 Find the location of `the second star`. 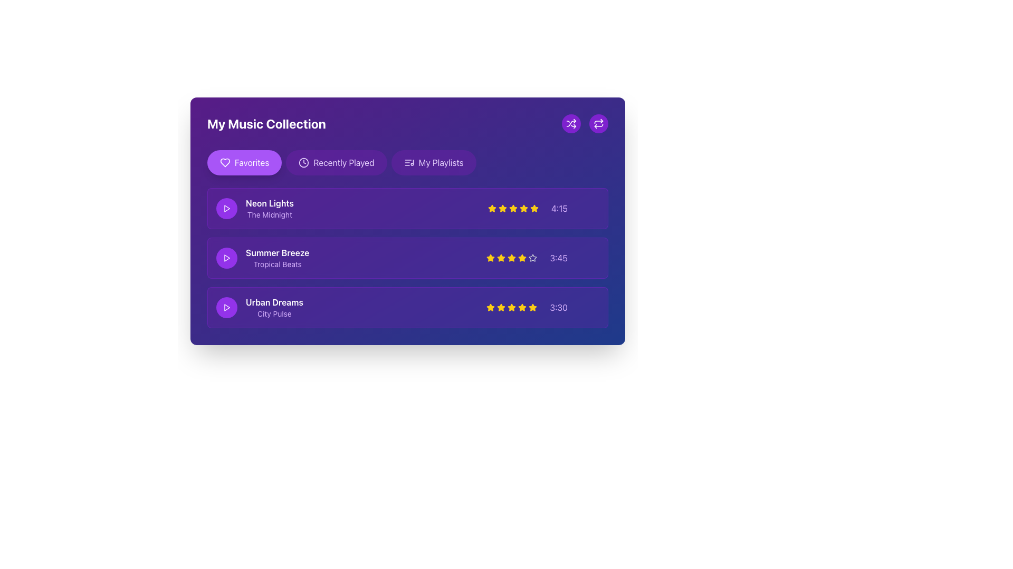

the second star is located at coordinates (491, 208).